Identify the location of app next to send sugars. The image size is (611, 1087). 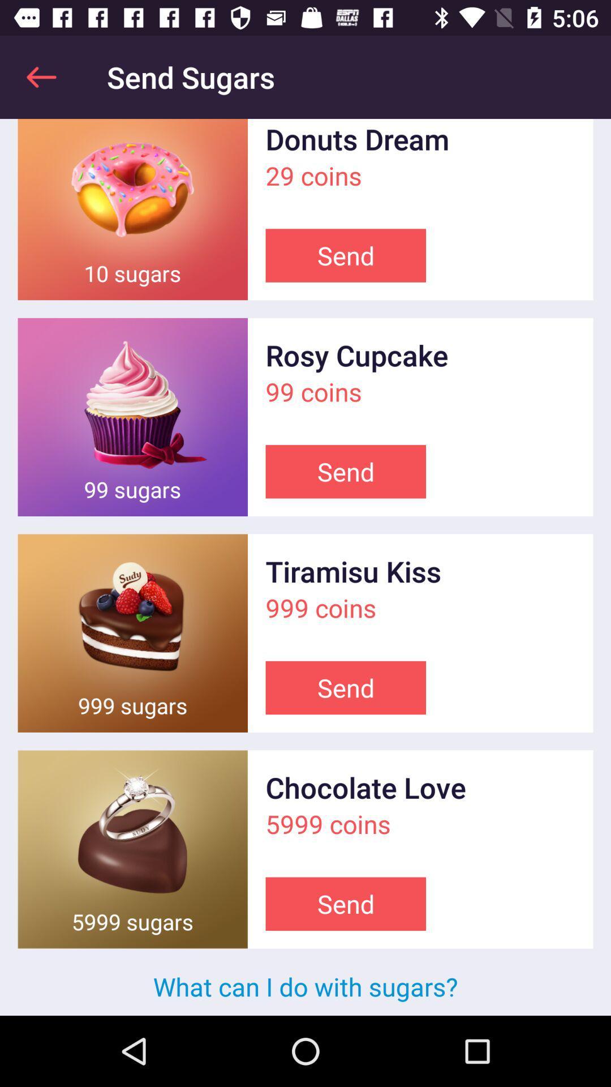
(41, 76).